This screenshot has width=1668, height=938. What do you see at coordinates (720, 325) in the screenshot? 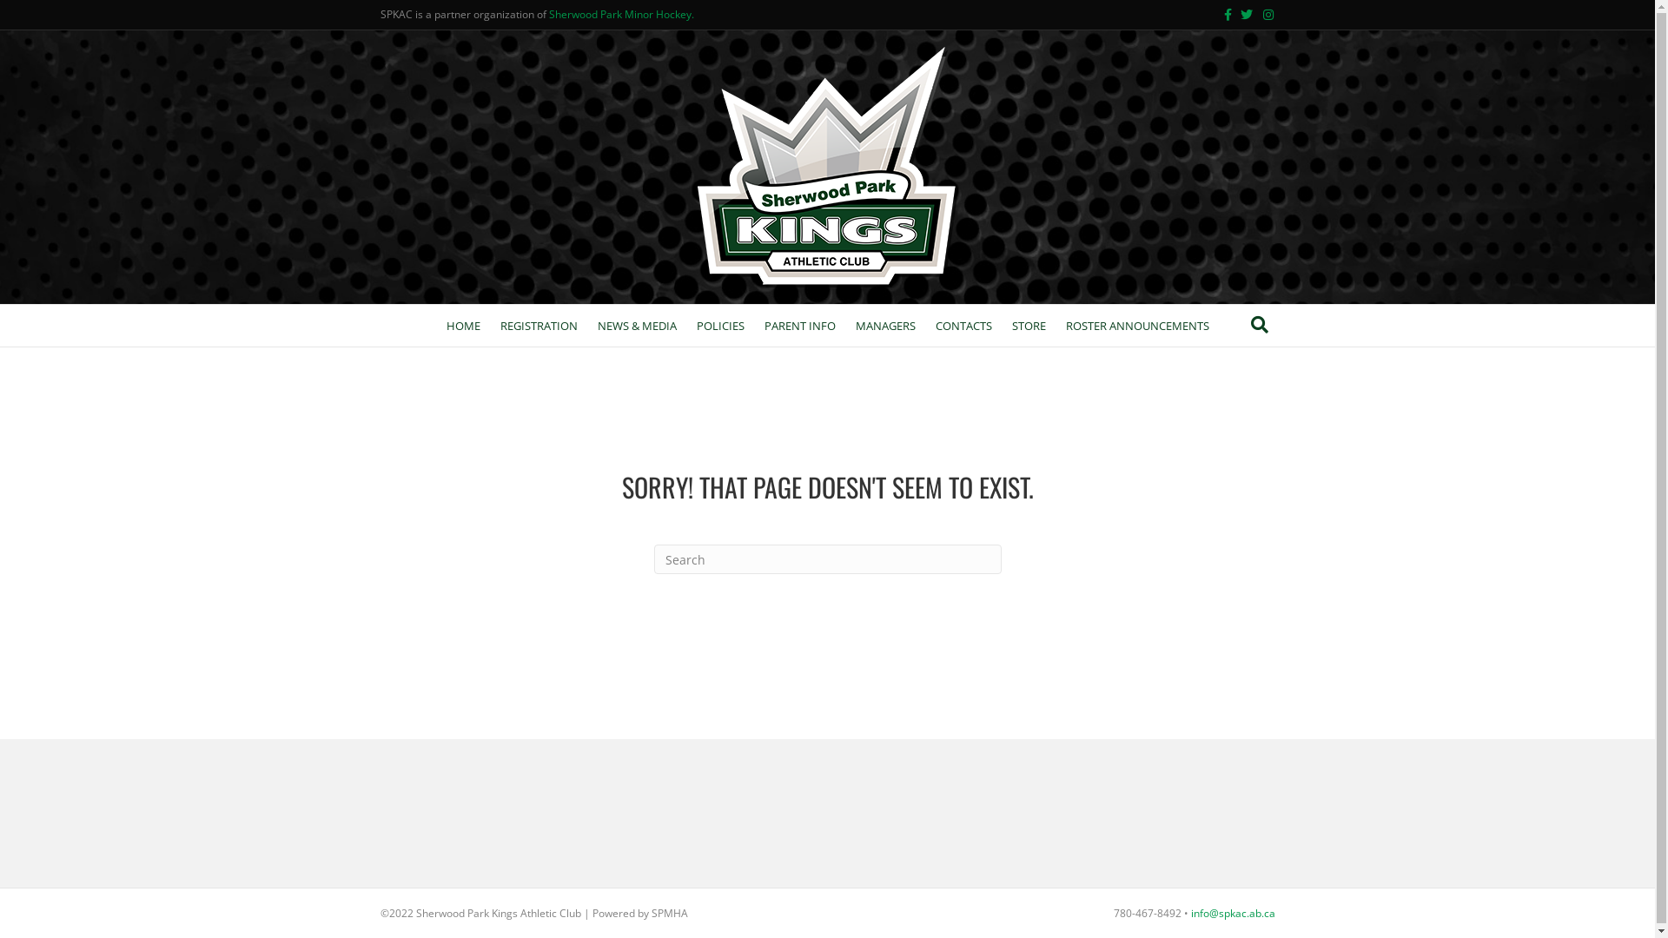
I see `'POLICIES'` at bounding box center [720, 325].